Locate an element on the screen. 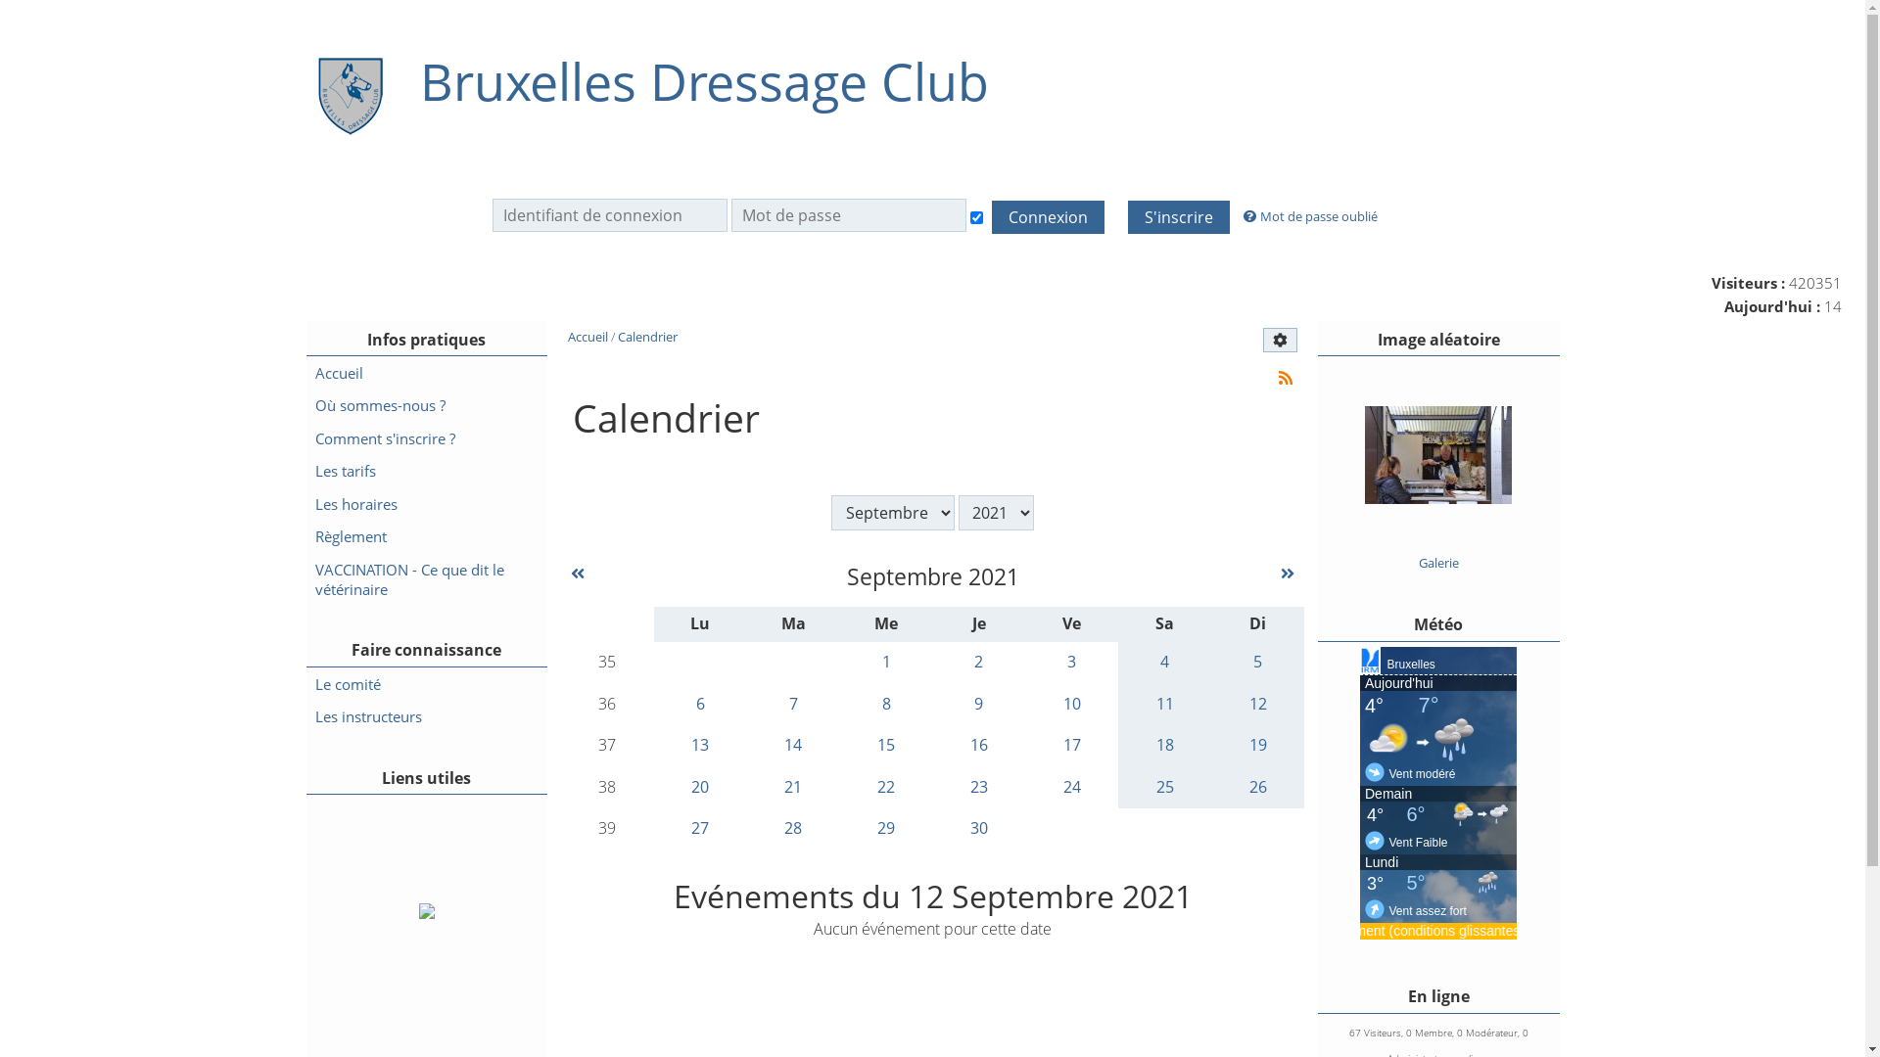 Image resolution: width=1880 pixels, height=1057 pixels. '29' is located at coordinates (885, 829).